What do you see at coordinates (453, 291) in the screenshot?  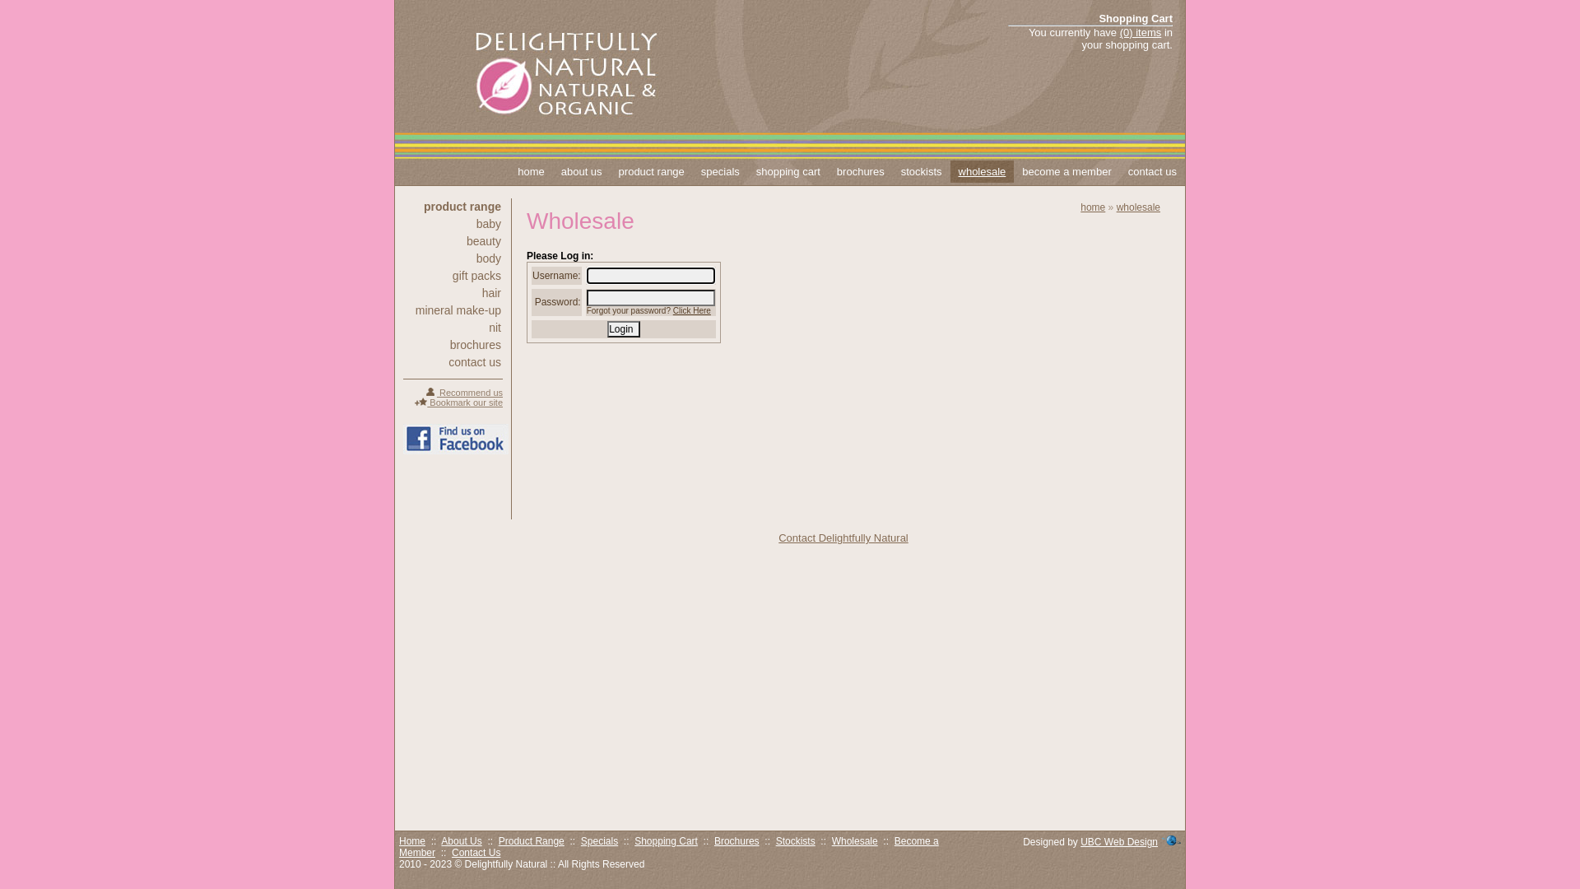 I see `'hair'` at bounding box center [453, 291].